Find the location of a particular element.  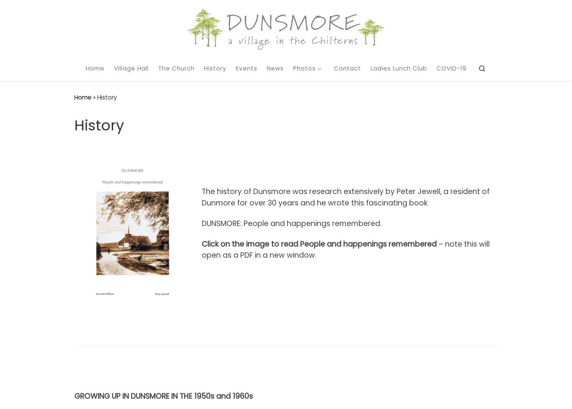

'Ladies Lunch Club' is located at coordinates (398, 68).